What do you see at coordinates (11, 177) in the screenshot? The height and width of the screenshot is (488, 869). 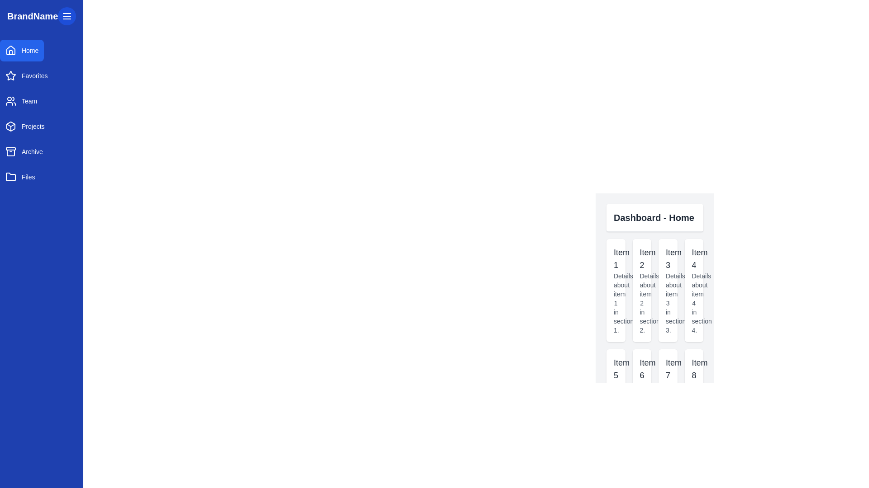 I see `the small folder-shaped icon with rounded edges located in the left navigation panel, styled in white against a blue background, positioned below the 'Archive' section in the 'Files' menu` at bounding box center [11, 177].